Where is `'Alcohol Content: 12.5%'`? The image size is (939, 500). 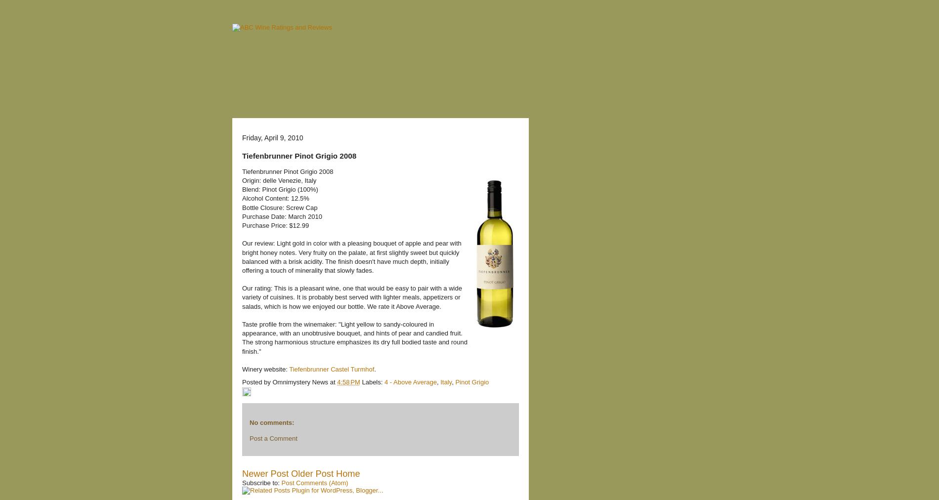
'Alcohol Content: 12.5%' is located at coordinates (275, 198).